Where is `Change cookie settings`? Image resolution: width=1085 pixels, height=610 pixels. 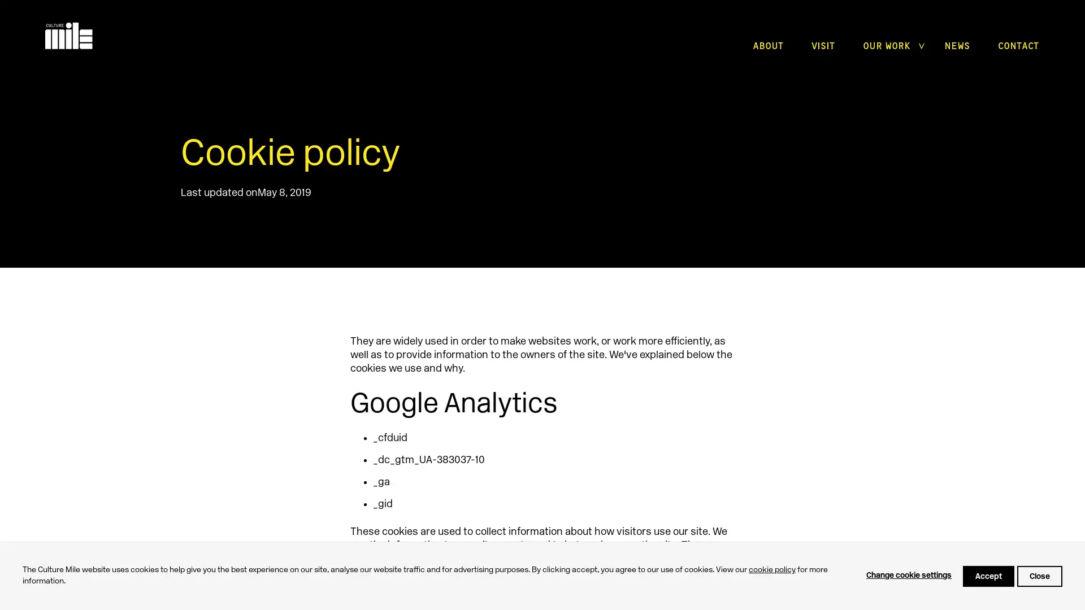 Change cookie settings is located at coordinates (909, 576).